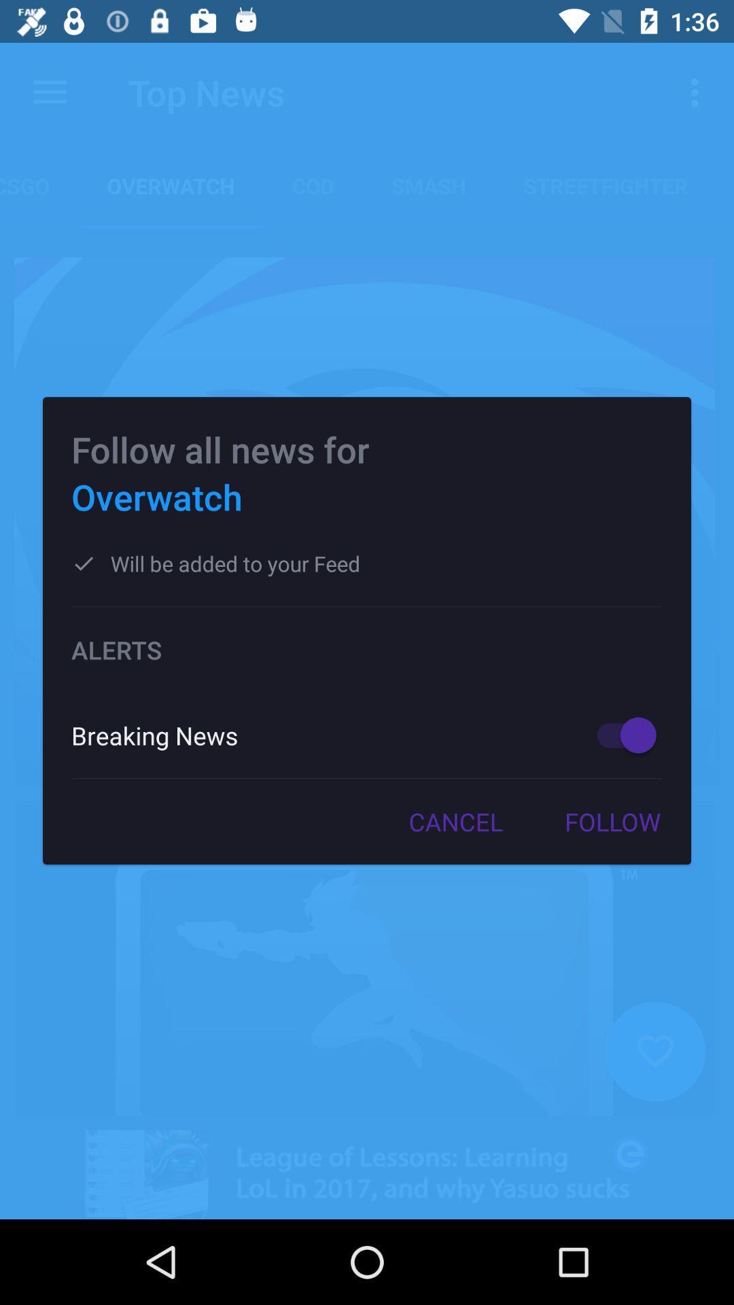  What do you see at coordinates (620, 734) in the screenshot?
I see `icon below alerts` at bounding box center [620, 734].